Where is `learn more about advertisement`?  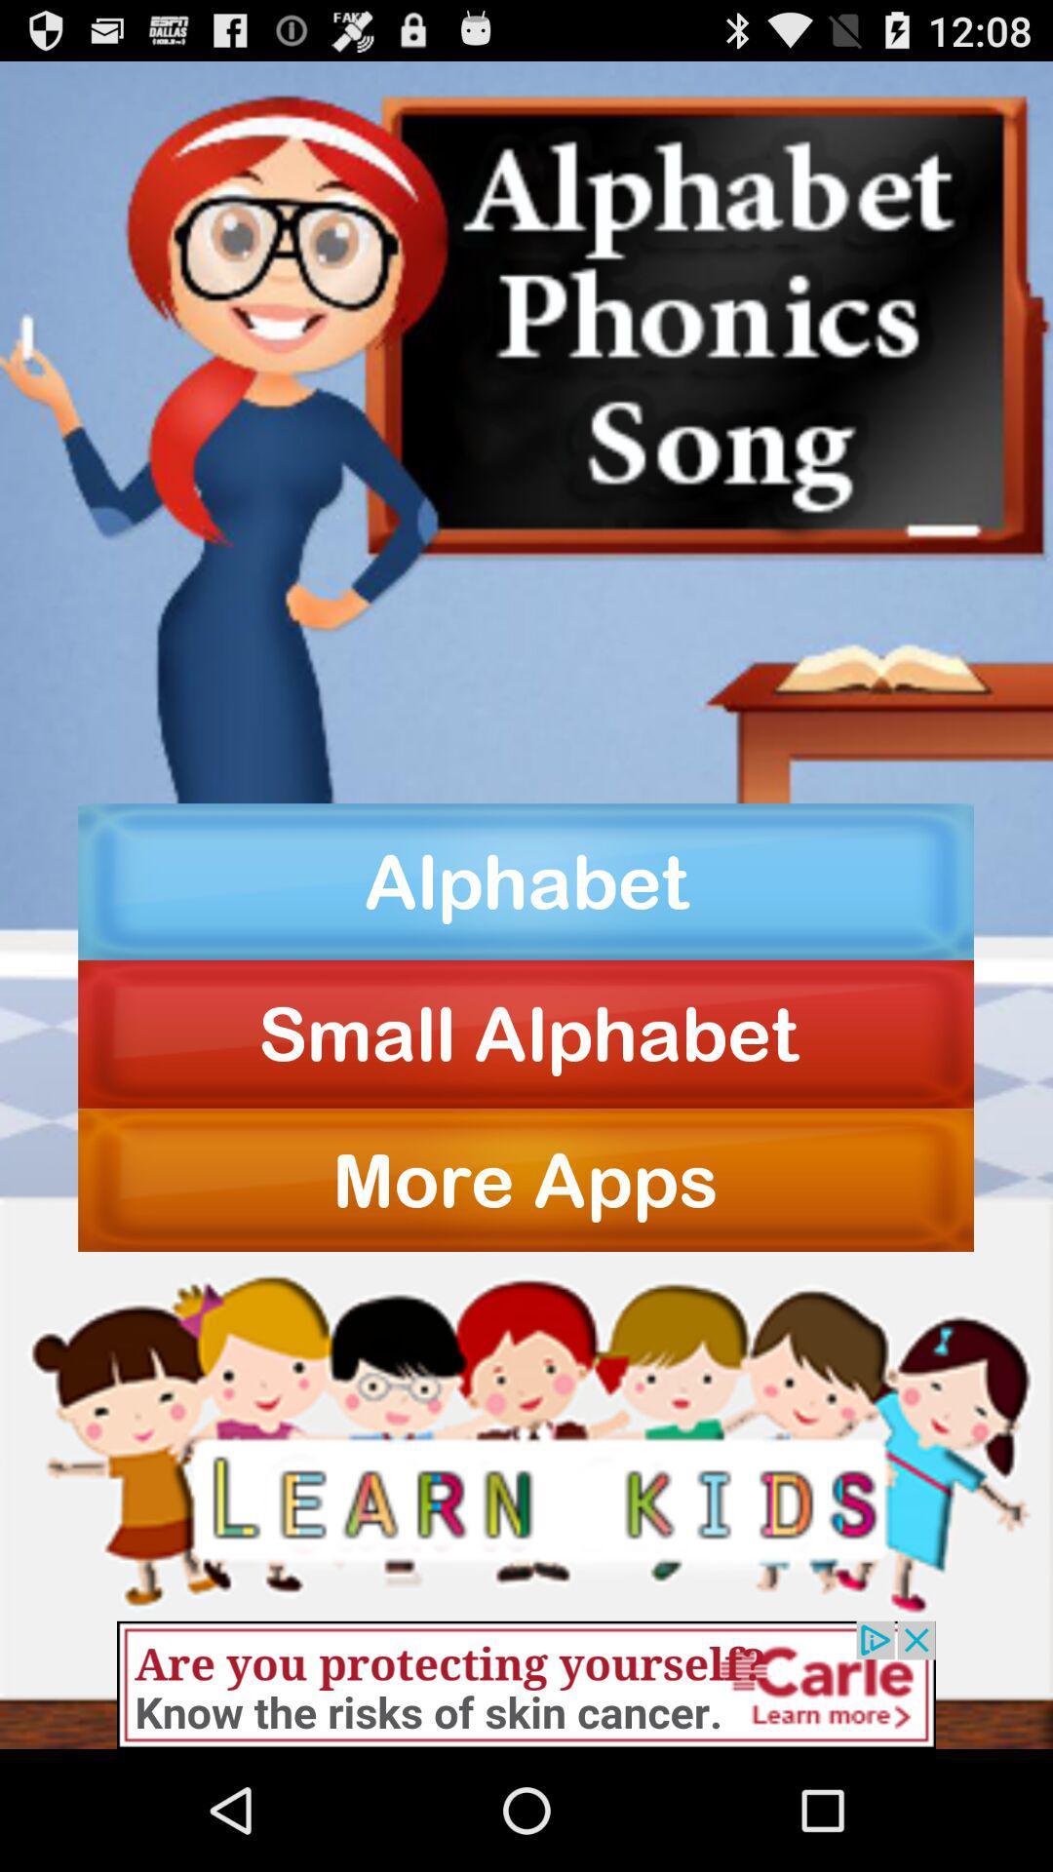 learn more about advertisement is located at coordinates (526, 1684).